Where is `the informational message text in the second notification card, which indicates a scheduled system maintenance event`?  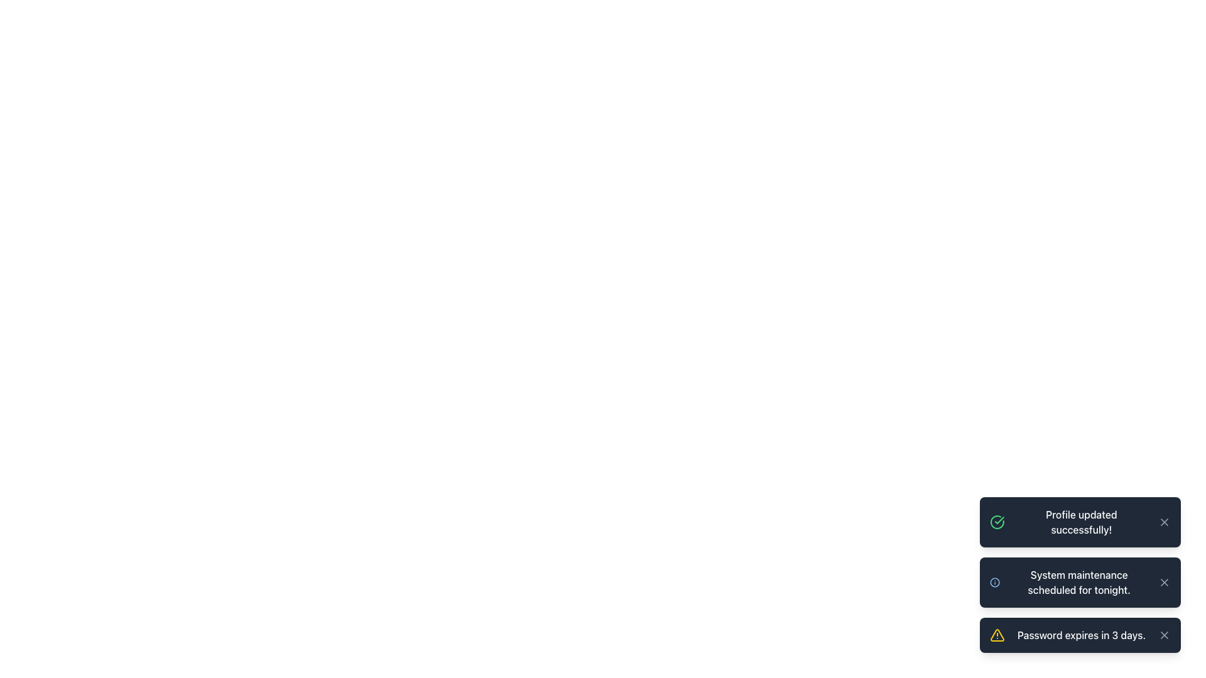 the informational message text in the second notification card, which indicates a scheduled system maintenance event is located at coordinates (1078, 583).